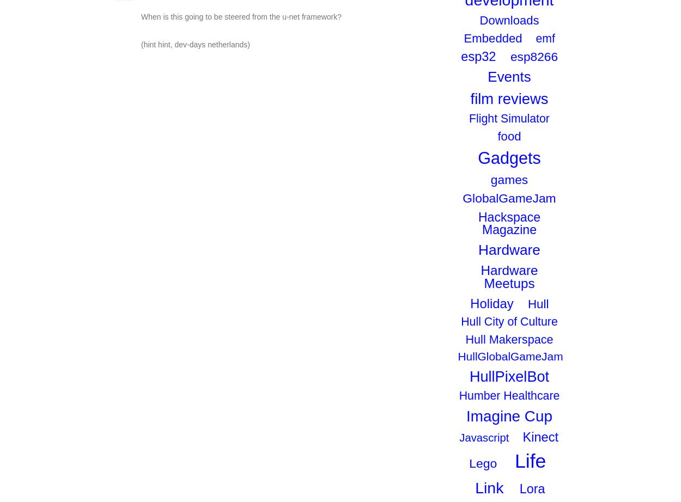 The height and width of the screenshot is (502, 681). What do you see at coordinates (509, 415) in the screenshot?
I see `'Imagine Cup'` at bounding box center [509, 415].